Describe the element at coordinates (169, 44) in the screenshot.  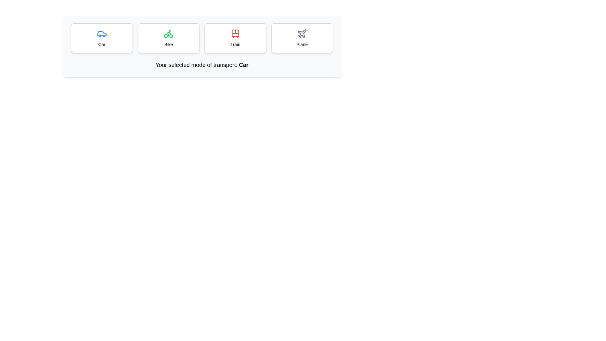
I see `the 'Bike' text label, which identifies the transportation option featuring a bicycle, located centrally within a rectangular card interface below a green bike icon` at that location.